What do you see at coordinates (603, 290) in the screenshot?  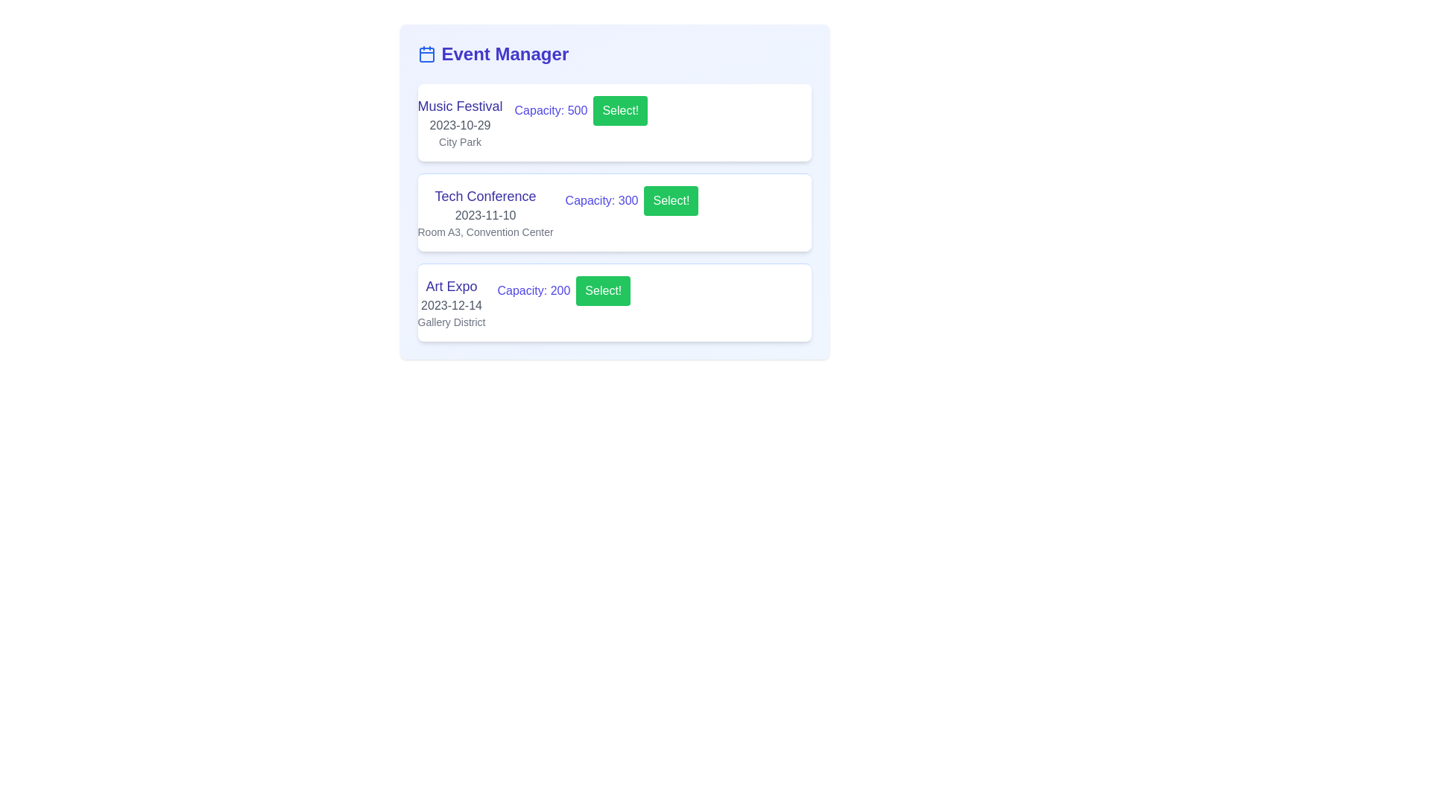 I see `the green rectangular button labeled 'Select!' located in the third event entry of the list under the 'Event Manager' title` at bounding box center [603, 290].